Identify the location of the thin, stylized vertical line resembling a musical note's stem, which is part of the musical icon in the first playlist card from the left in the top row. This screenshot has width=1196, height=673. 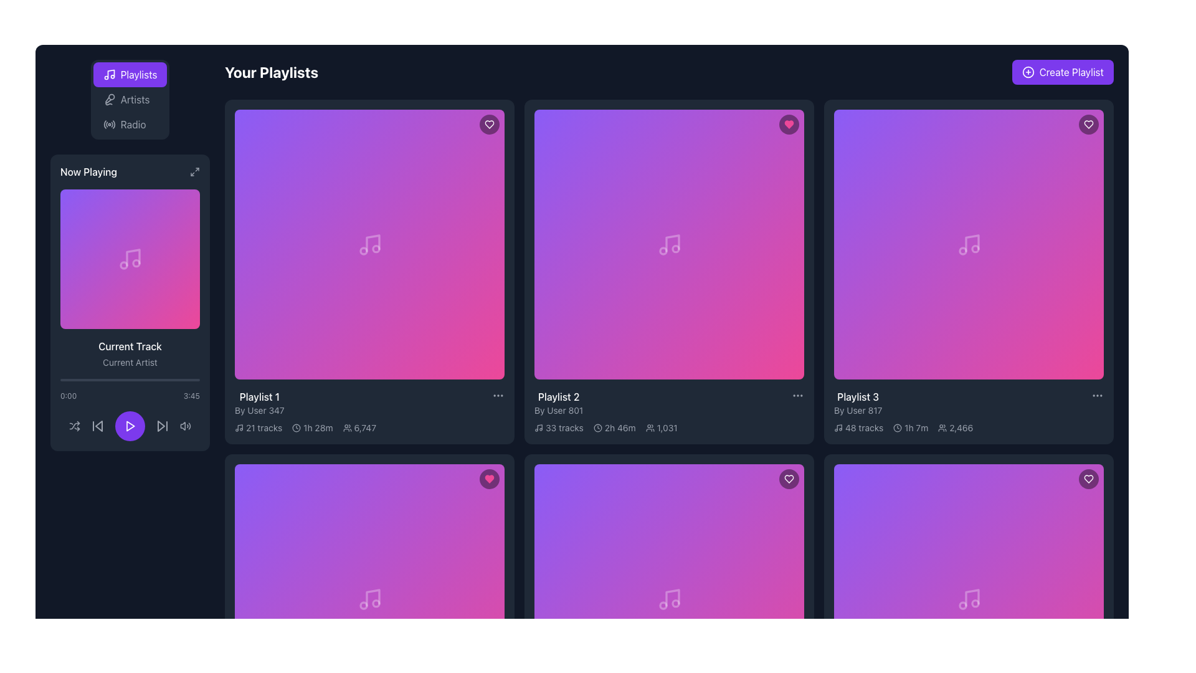
(240, 427).